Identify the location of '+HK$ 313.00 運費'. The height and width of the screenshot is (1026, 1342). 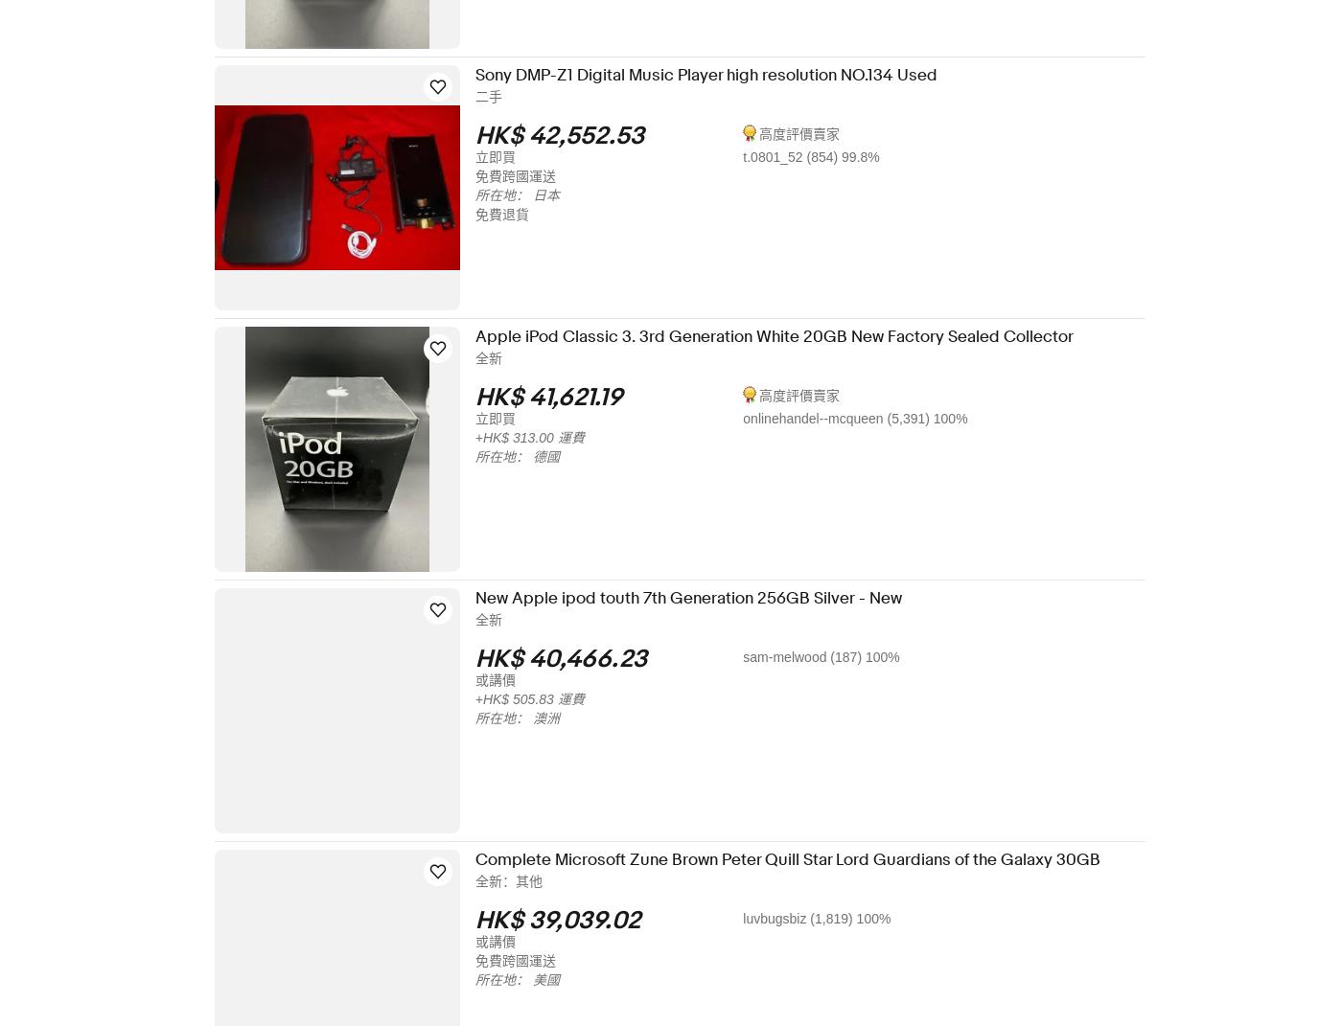
(543, 437).